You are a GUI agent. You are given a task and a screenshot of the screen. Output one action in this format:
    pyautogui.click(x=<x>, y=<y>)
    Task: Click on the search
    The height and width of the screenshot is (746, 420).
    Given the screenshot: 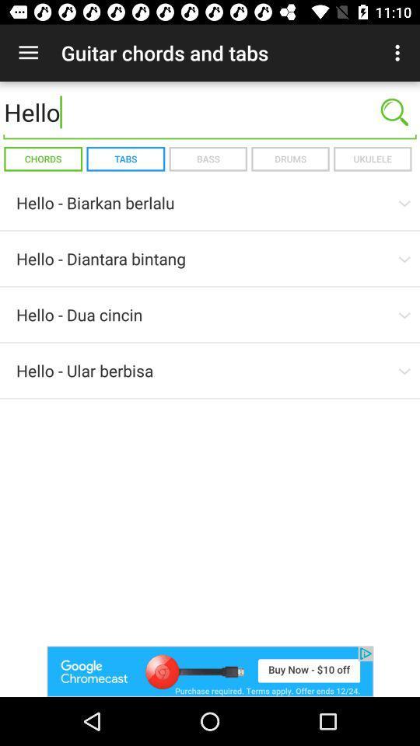 What is the action you would take?
    pyautogui.click(x=394, y=111)
    